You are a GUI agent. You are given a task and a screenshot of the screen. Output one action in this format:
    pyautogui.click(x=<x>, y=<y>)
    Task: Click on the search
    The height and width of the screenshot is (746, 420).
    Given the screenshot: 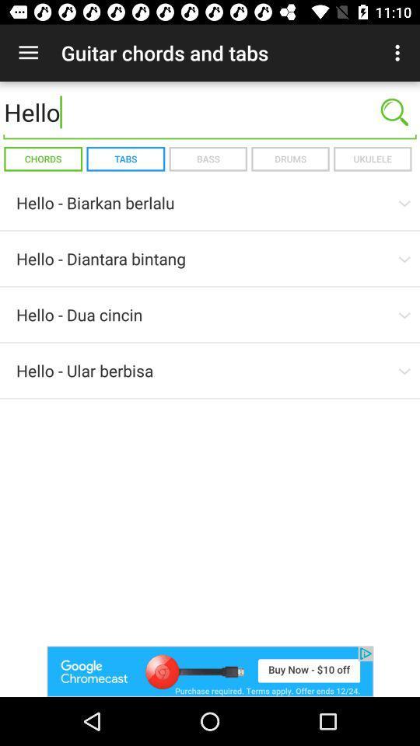 What is the action you would take?
    pyautogui.click(x=394, y=111)
    